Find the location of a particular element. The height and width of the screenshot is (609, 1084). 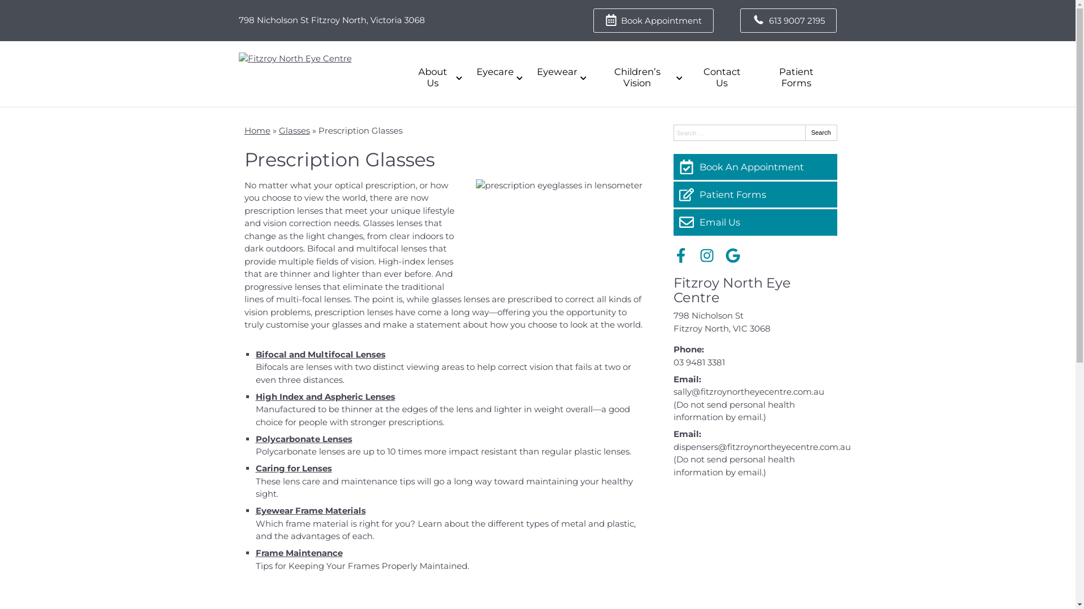

'Book Appointment' is located at coordinates (653, 20).